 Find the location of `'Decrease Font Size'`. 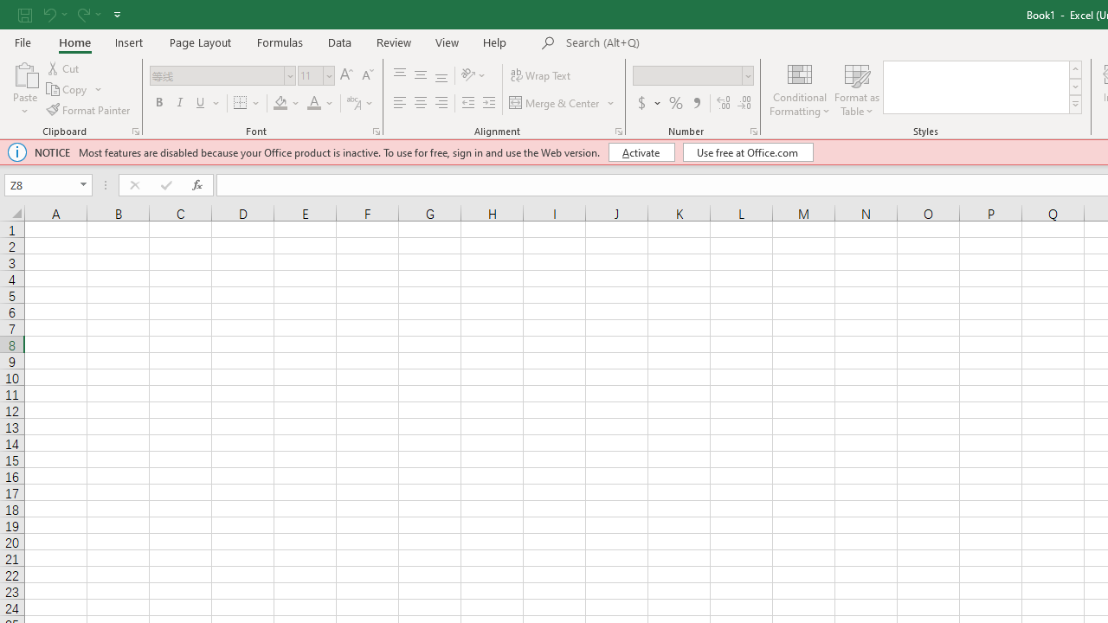

'Decrease Font Size' is located at coordinates (366, 74).